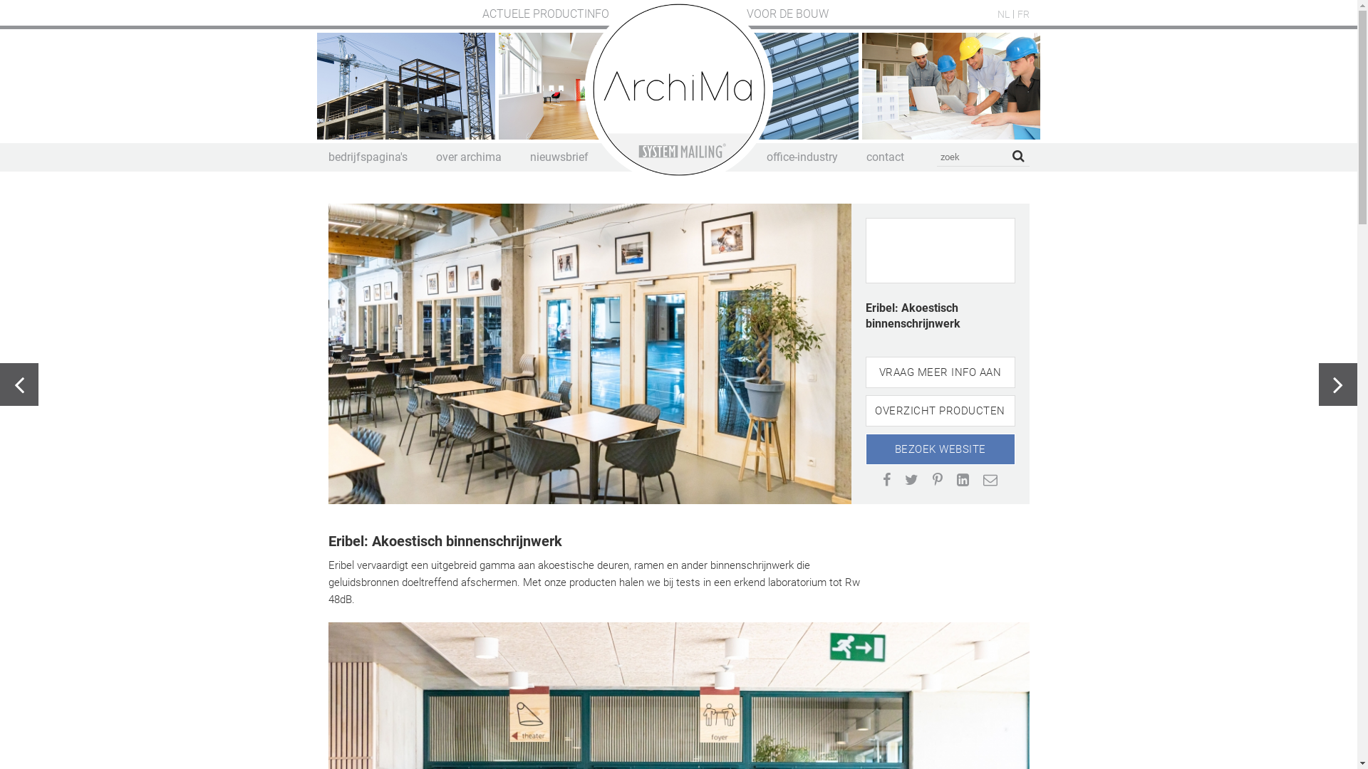 The width and height of the screenshot is (1368, 769). I want to click on 'OVERZICHT PRODUCTEN', so click(864, 411).